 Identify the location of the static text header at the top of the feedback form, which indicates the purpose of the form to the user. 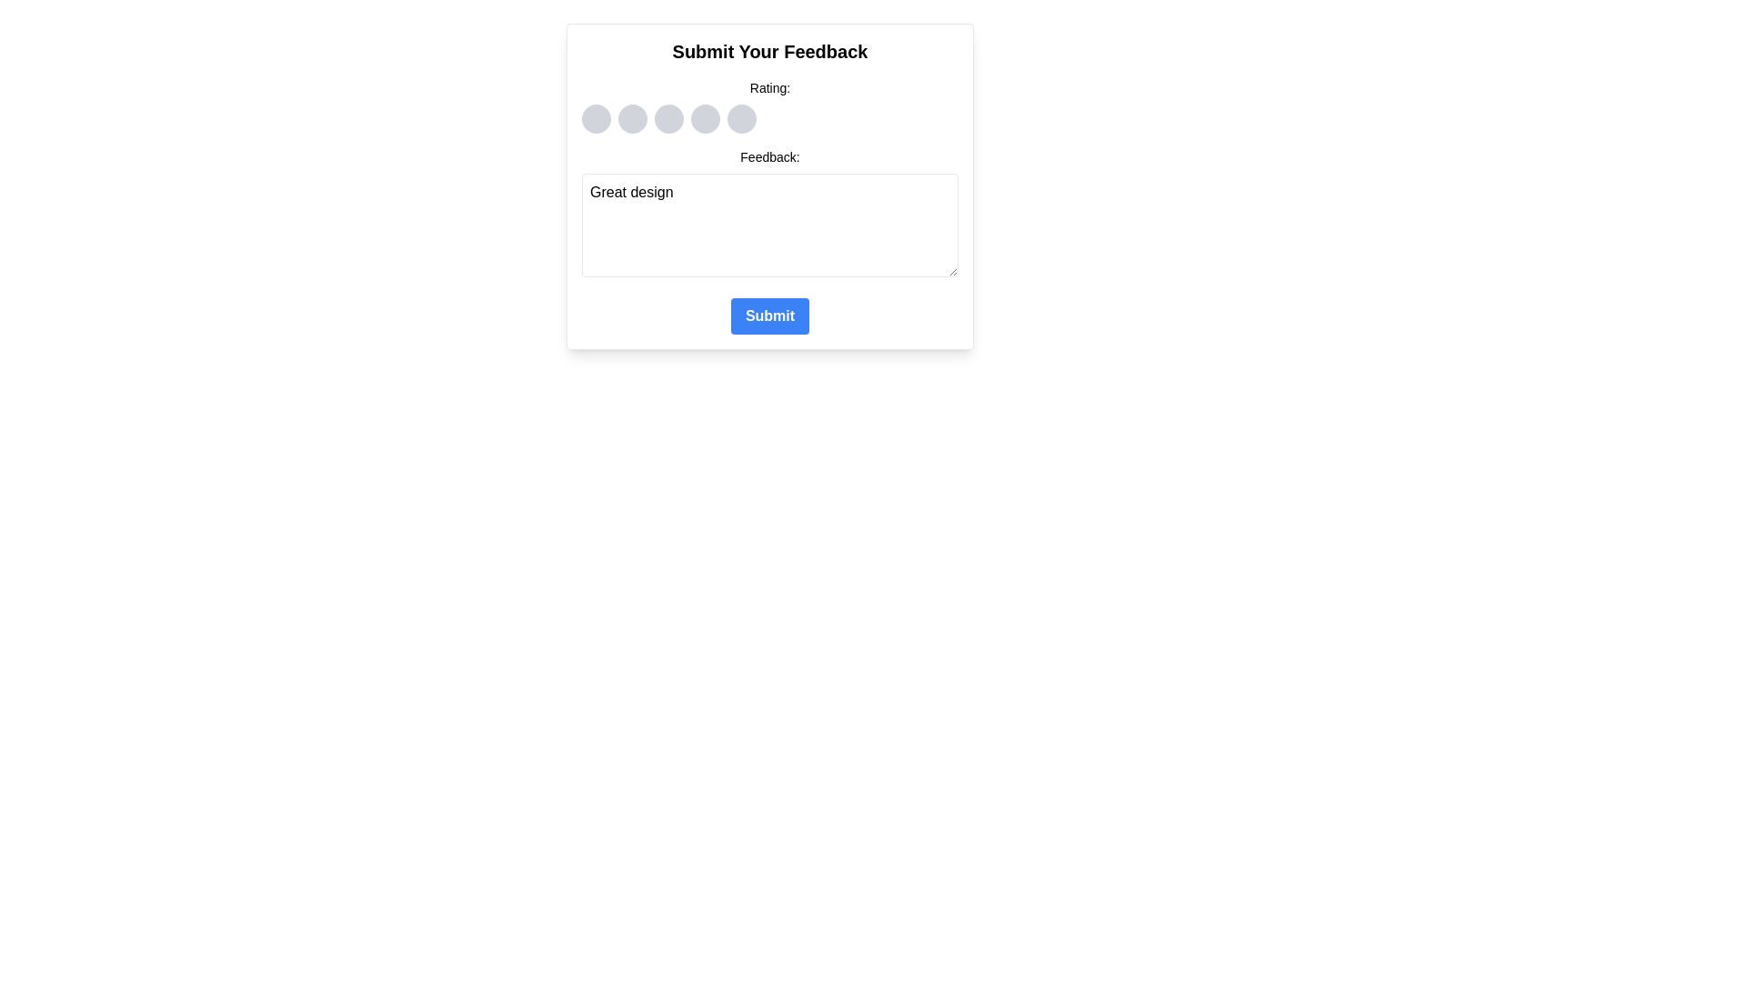
(769, 51).